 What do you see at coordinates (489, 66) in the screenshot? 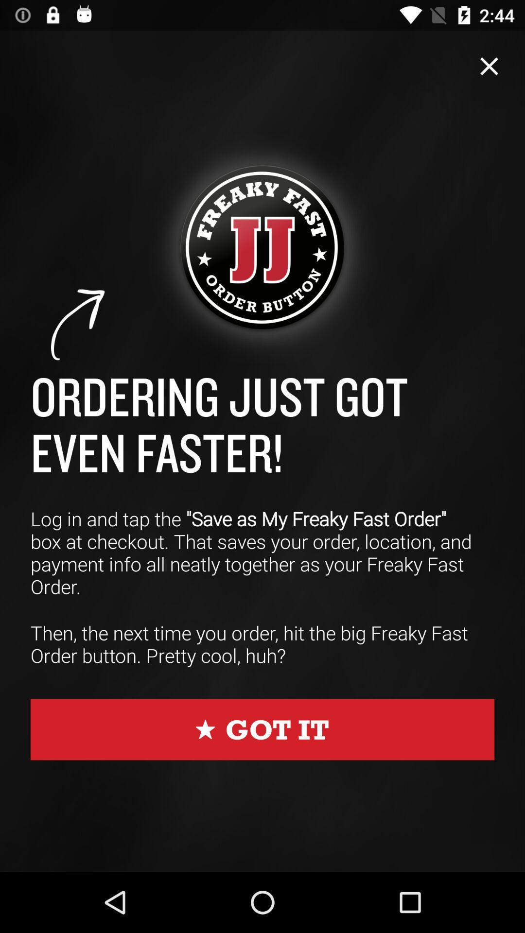
I see `the close icon` at bounding box center [489, 66].